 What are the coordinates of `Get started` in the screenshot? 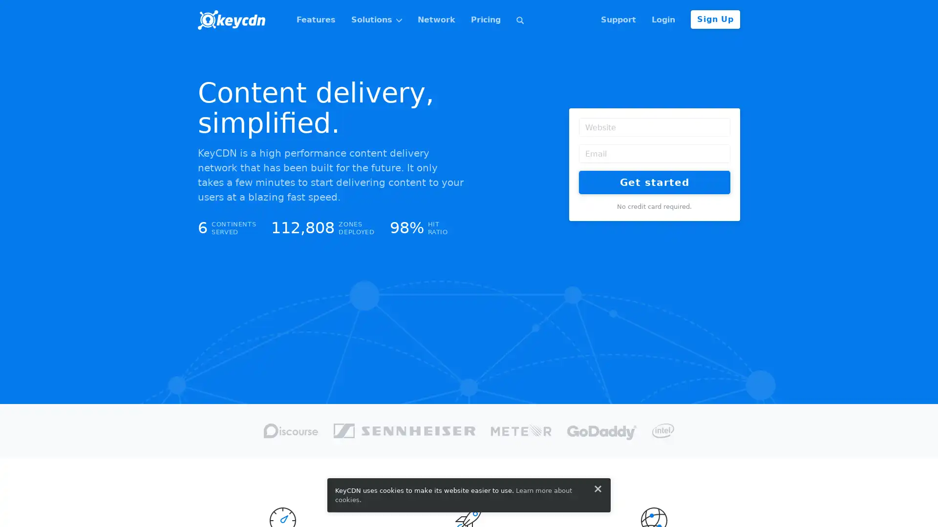 It's located at (654, 182).